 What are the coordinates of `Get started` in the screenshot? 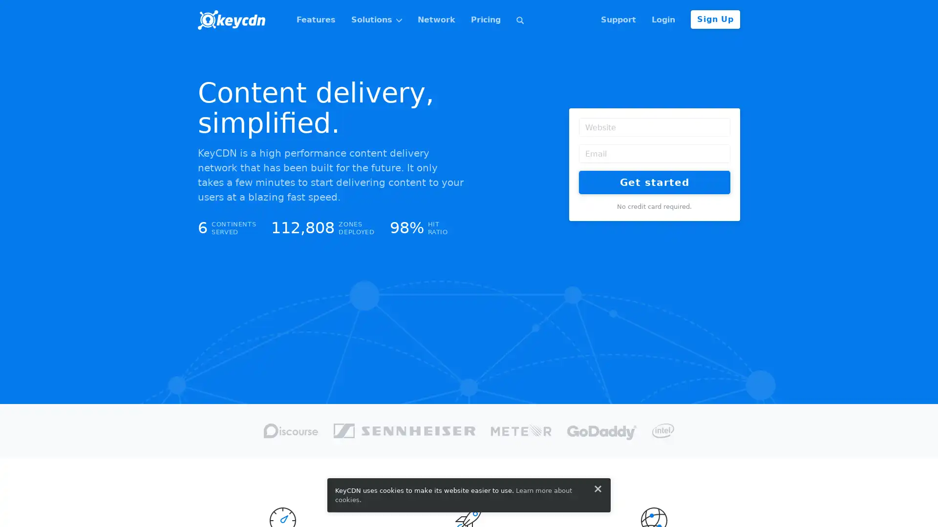 It's located at (654, 182).